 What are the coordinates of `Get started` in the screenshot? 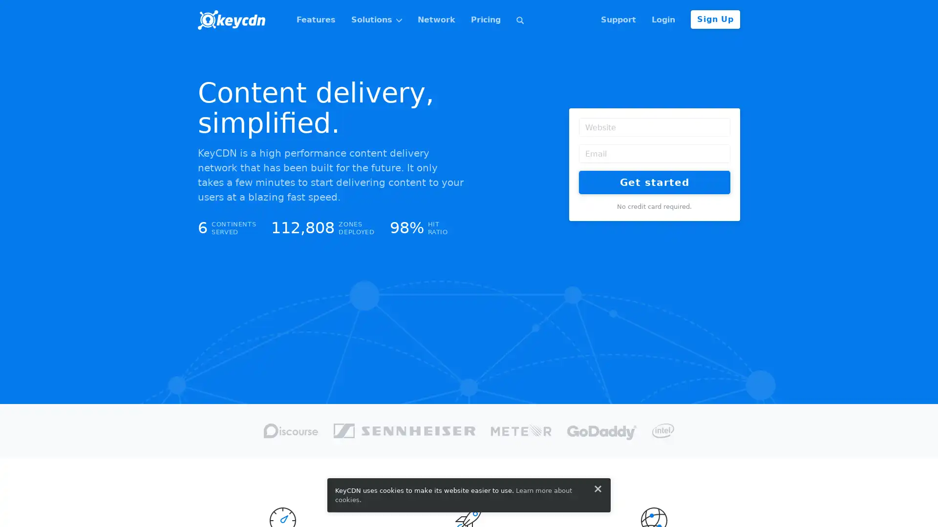 It's located at (654, 182).